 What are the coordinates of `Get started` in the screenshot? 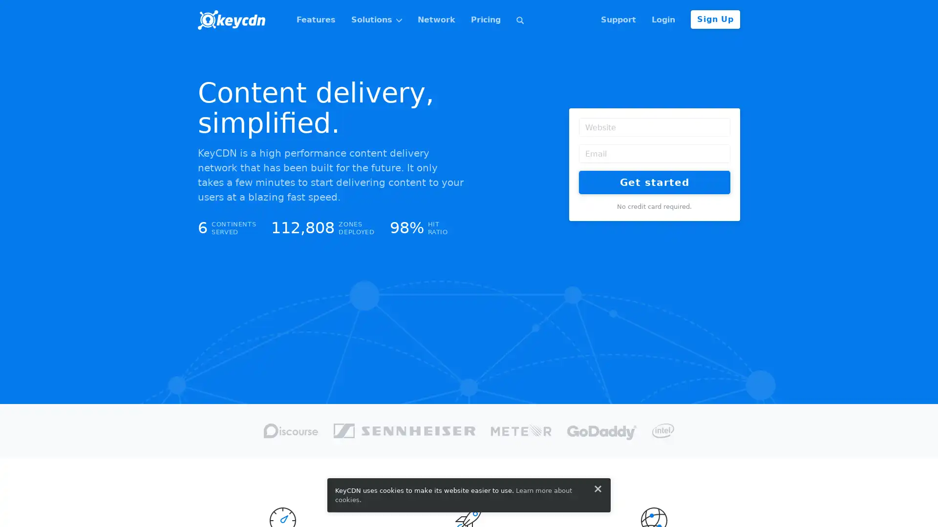 It's located at (654, 182).